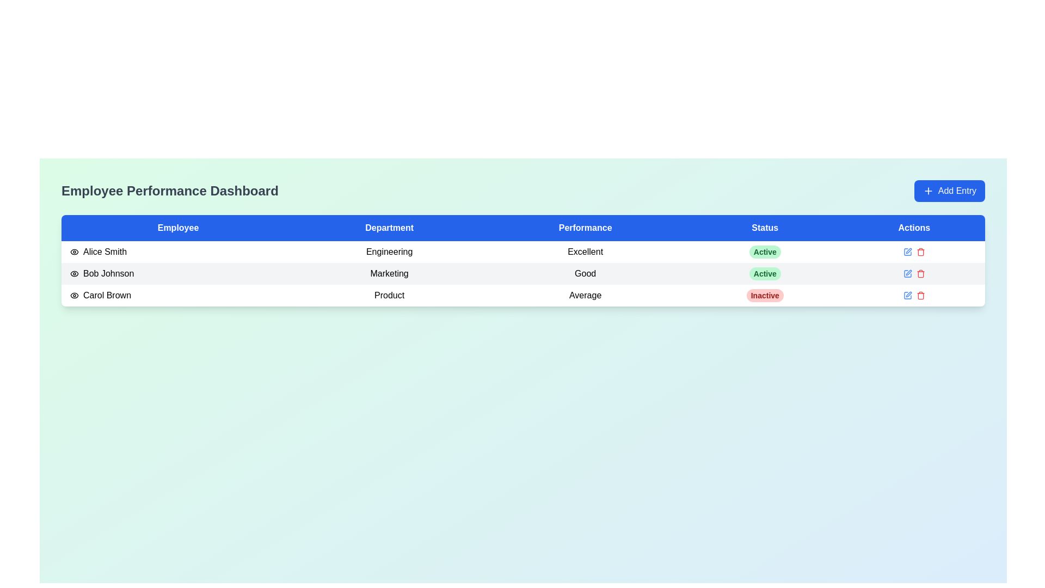 The height and width of the screenshot is (588, 1045). I want to click on the text label displaying 'Average' under the 'Performance' column in the row associated with 'Carol Brown', so click(585, 296).